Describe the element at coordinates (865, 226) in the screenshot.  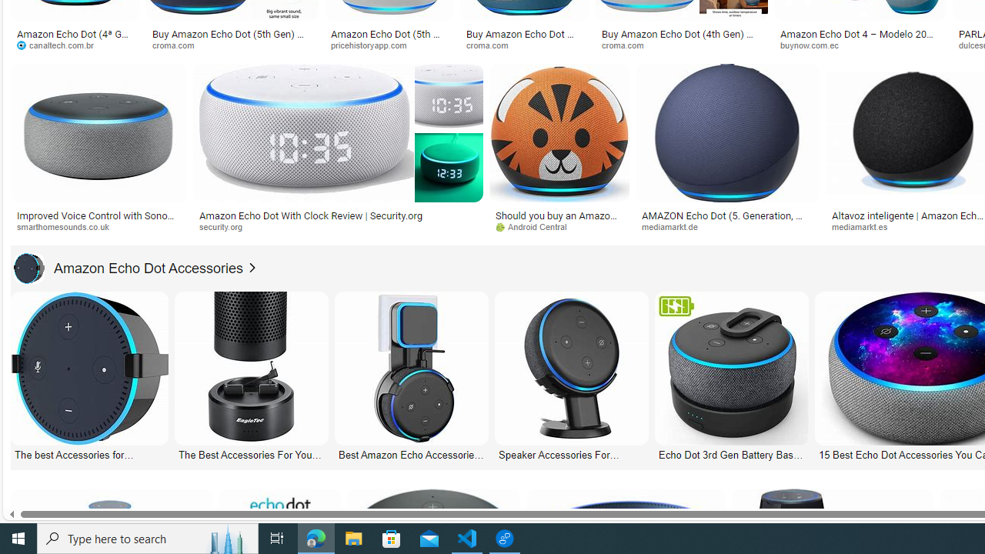
I see `'mediamarkt.es'` at that location.